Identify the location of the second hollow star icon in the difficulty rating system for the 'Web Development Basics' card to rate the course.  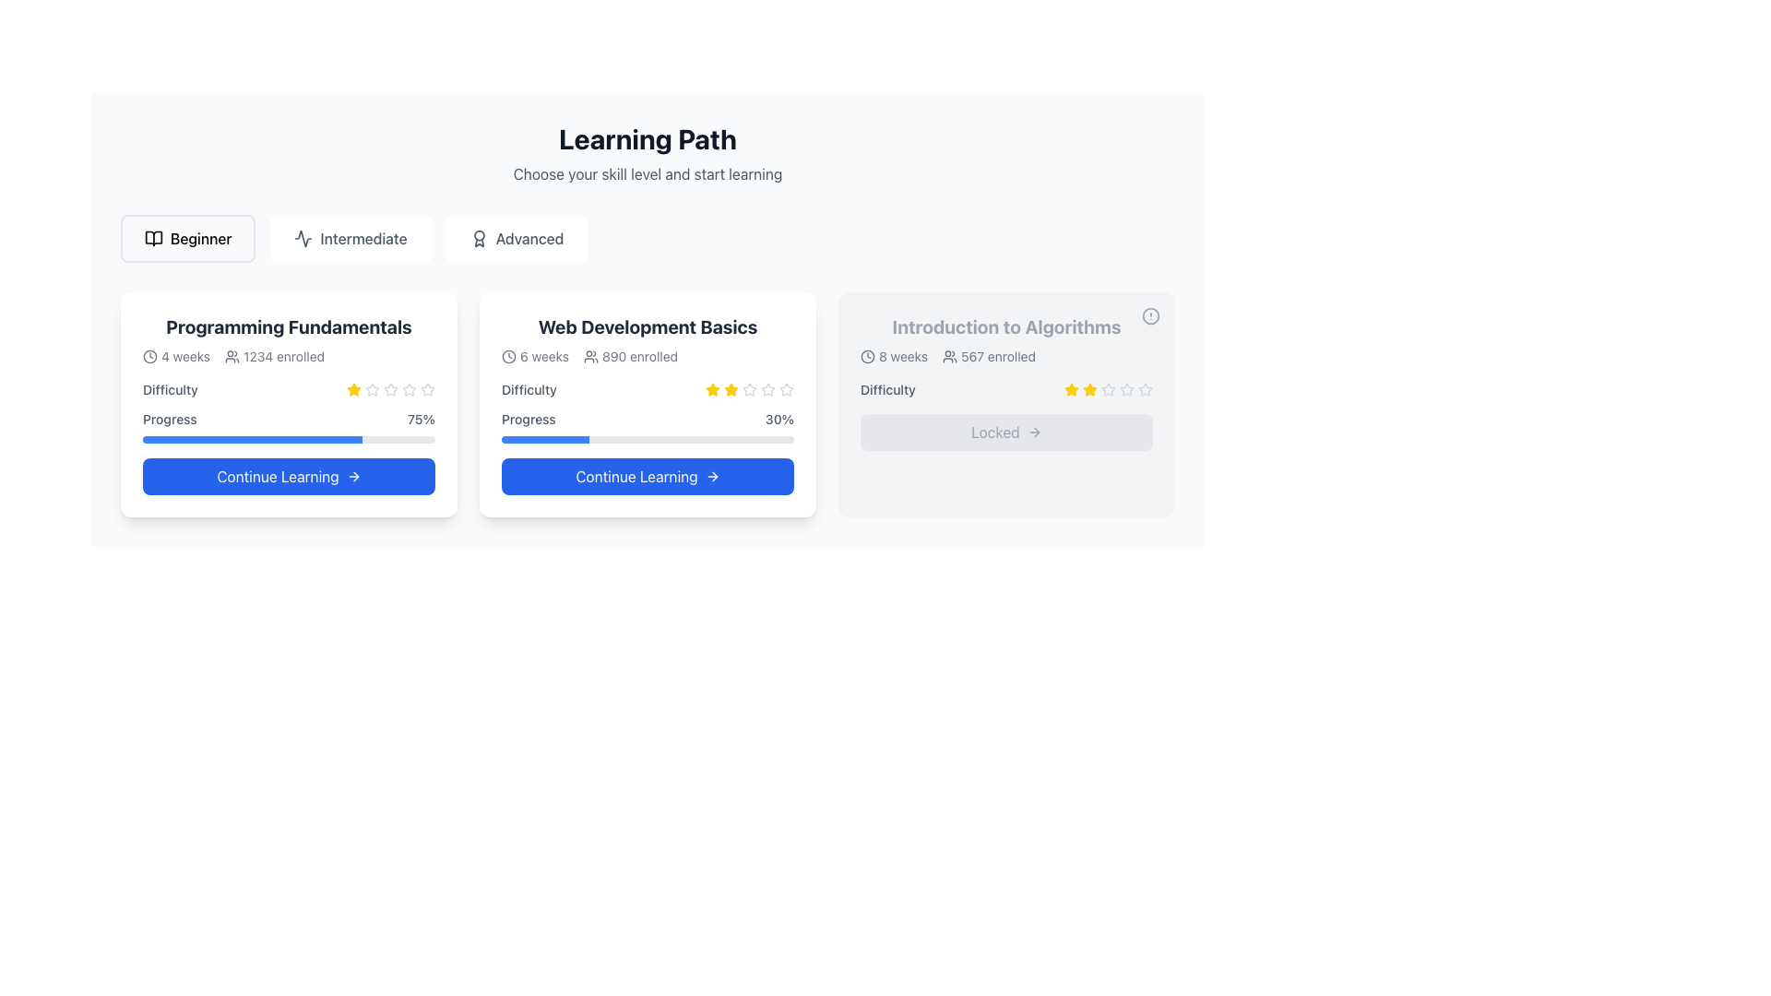
(768, 388).